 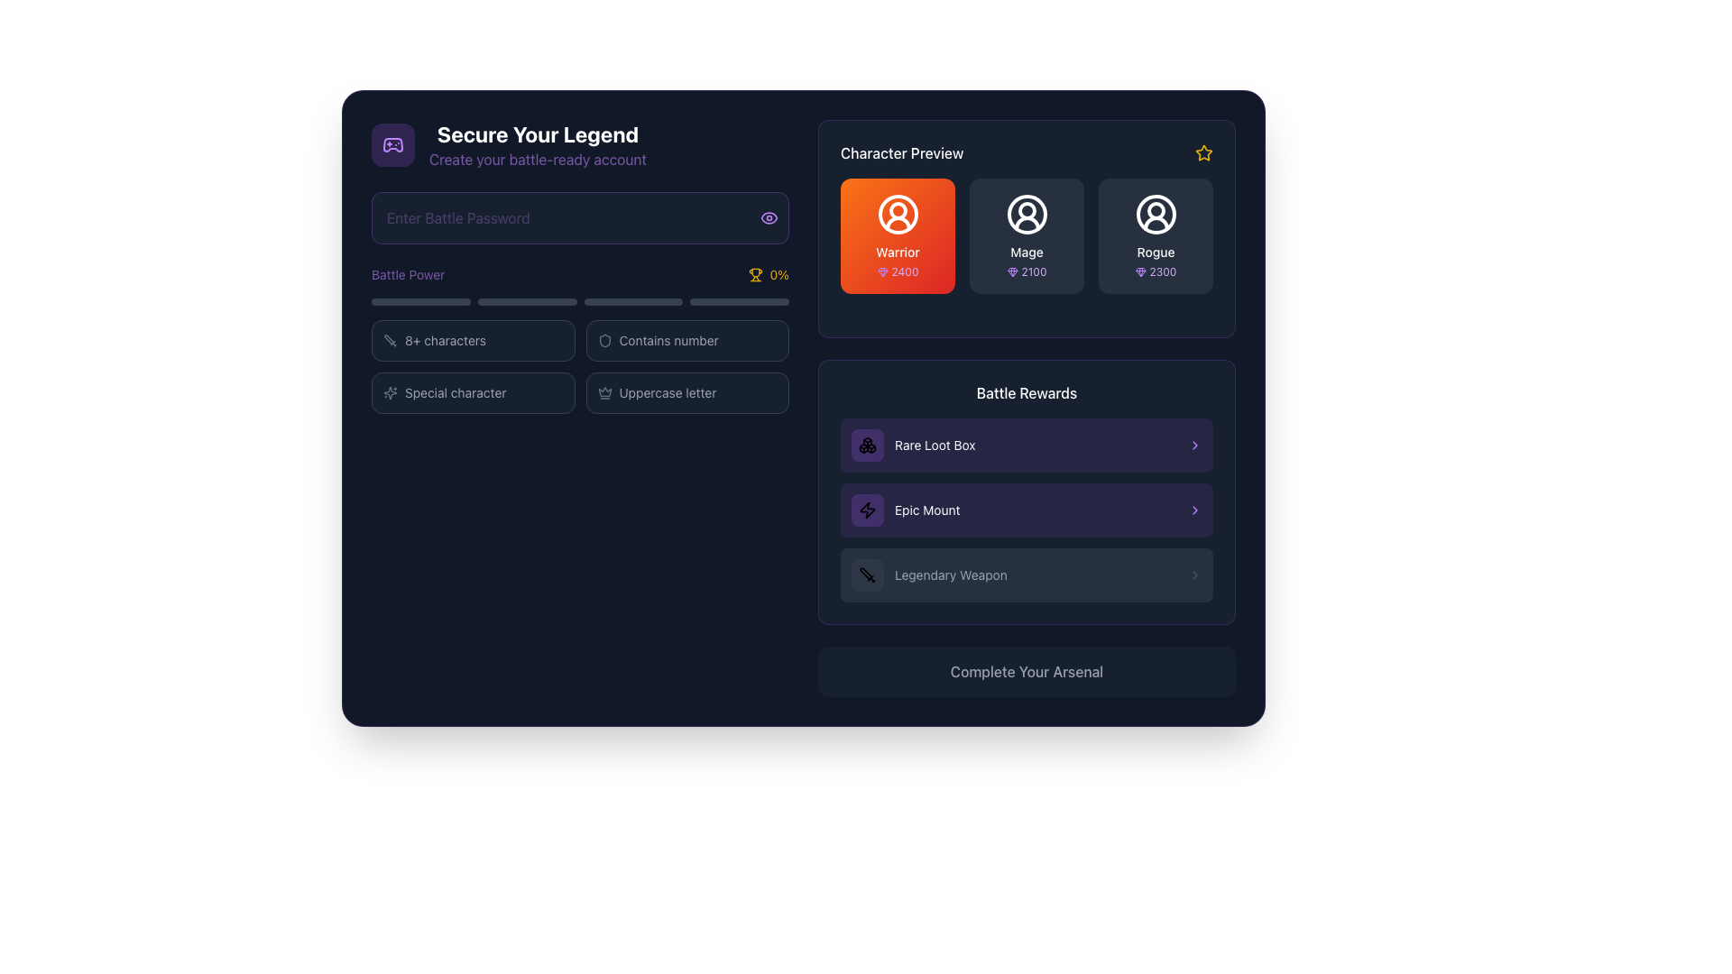 I want to click on the sword icon located in the 'Battle Rewards' section, which is the leftmost icon under the 'Legendary Weapon' label, so click(x=867, y=574).